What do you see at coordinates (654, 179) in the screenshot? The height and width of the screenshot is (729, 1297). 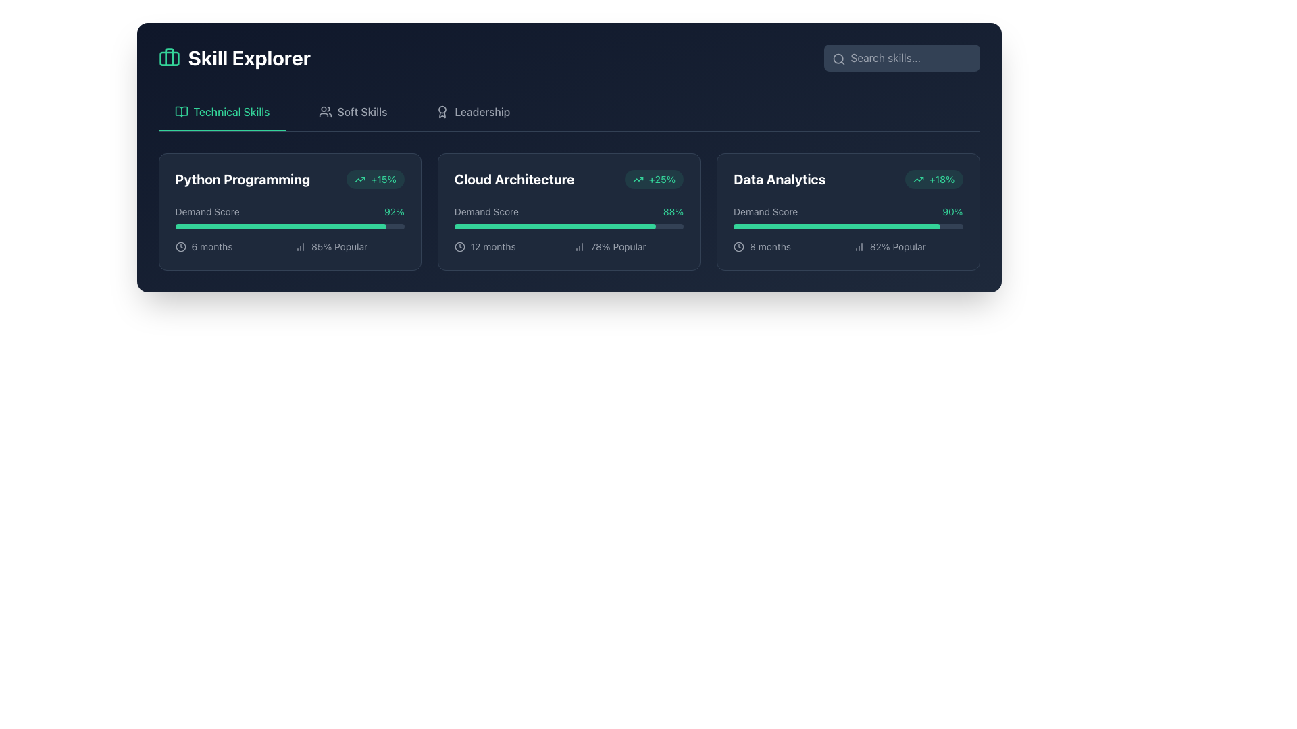 I see `the badge indicating percentage improvement for the 'Cloud Architecture' section located at the top-right corner, aligned with the section title and demand score` at bounding box center [654, 179].